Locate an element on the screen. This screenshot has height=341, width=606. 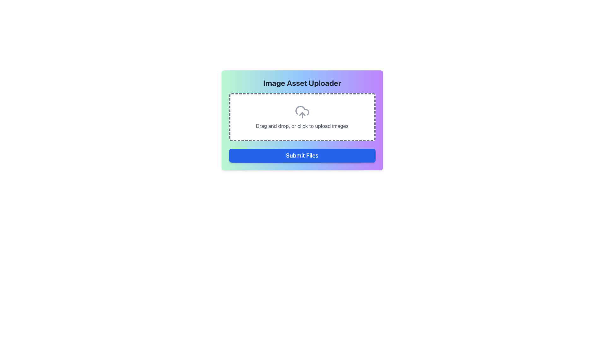
the upload icon element, which is centrally positioned within a dashed-bordered rectangular area for uploading images, located above the text 'Drag and drop, or click to upload images' is located at coordinates (302, 111).